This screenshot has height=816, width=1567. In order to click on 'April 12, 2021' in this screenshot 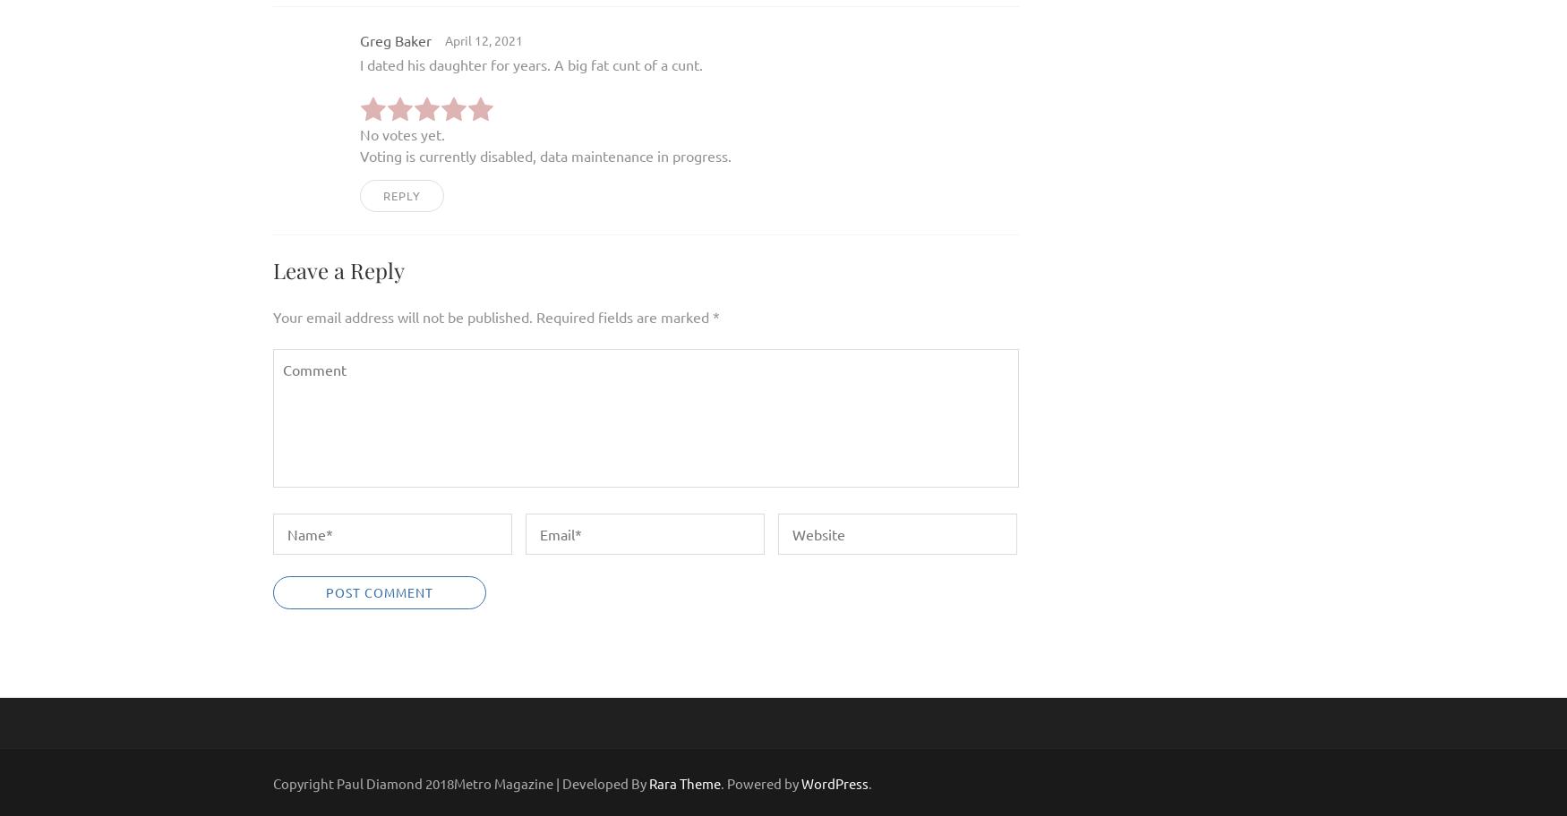, I will do `click(483, 38)`.